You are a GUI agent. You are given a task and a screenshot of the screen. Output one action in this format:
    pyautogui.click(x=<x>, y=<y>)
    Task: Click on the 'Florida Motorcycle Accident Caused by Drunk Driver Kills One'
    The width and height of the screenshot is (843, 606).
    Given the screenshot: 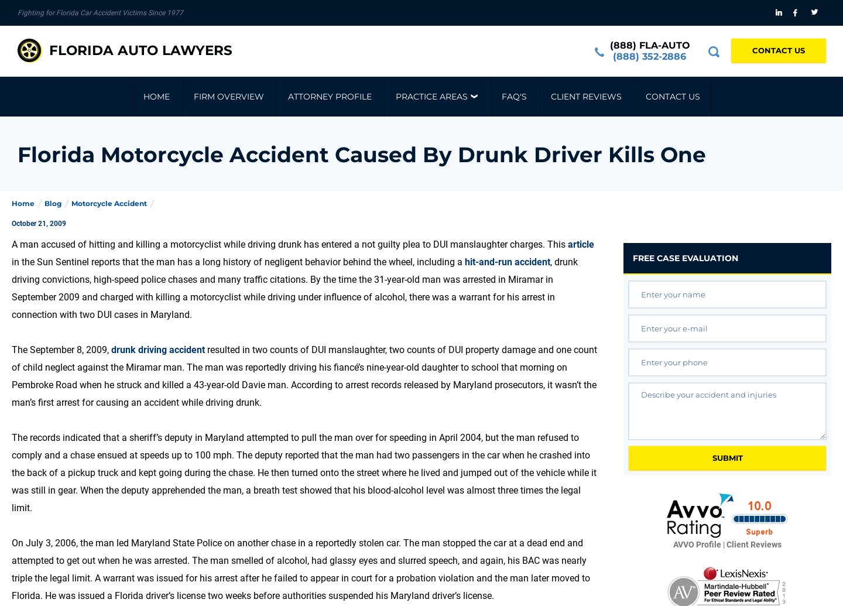 What is the action you would take?
    pyautogui.click(x=361, y=155)
    